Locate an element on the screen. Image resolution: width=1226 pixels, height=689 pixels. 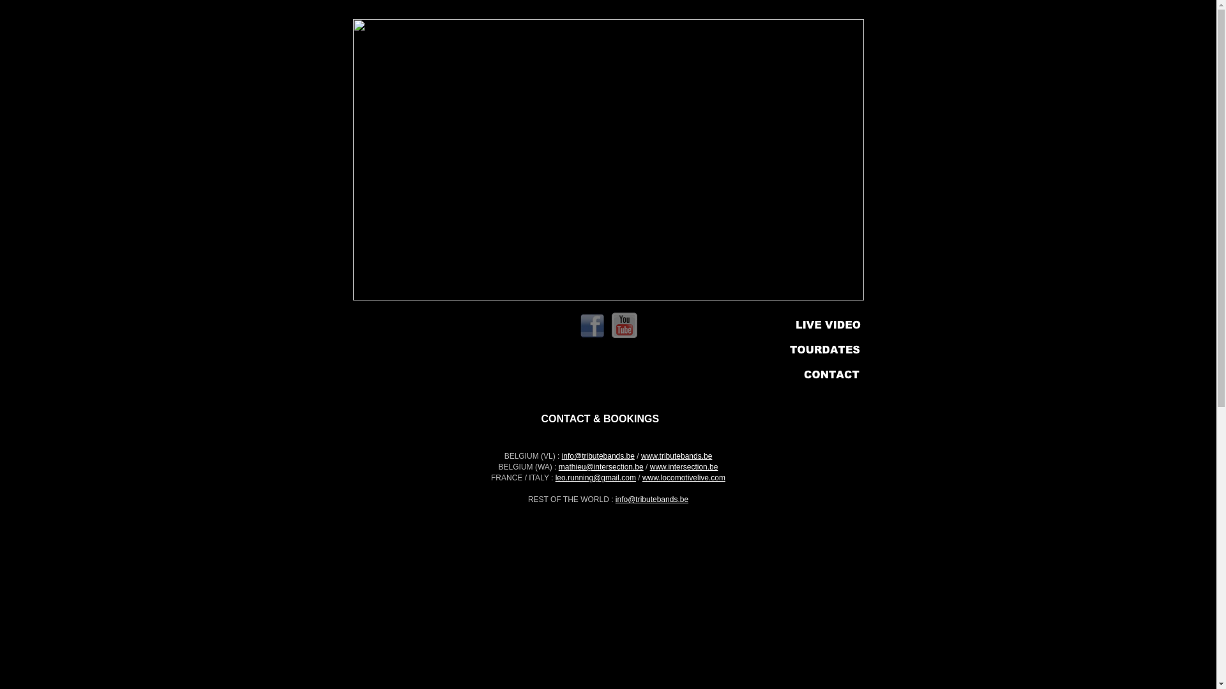
'http://youtube.com/tomadde' is located at coordinates (624, 334).